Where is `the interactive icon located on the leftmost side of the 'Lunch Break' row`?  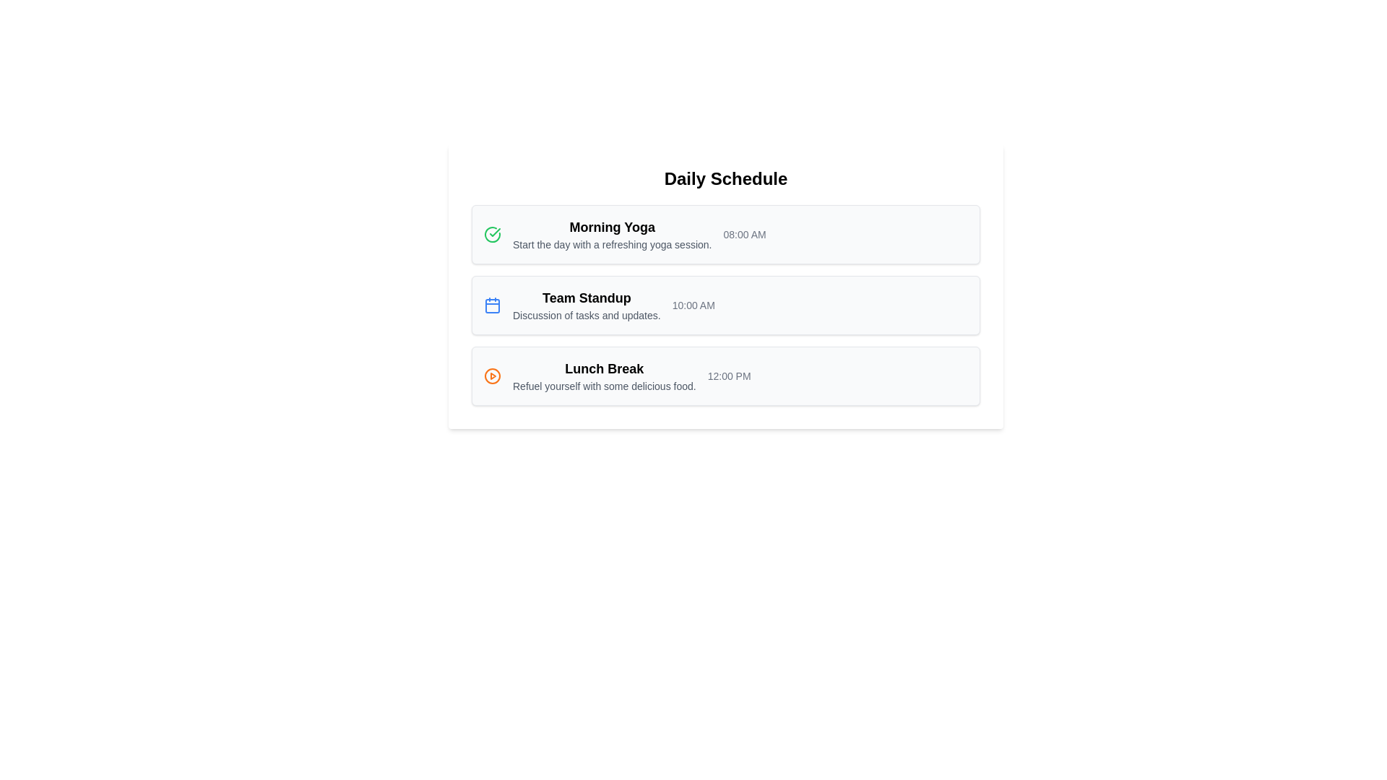 the interactive icon located on the leftmost side of the 'Lunch Break' row is located at coordinates (492, 375).